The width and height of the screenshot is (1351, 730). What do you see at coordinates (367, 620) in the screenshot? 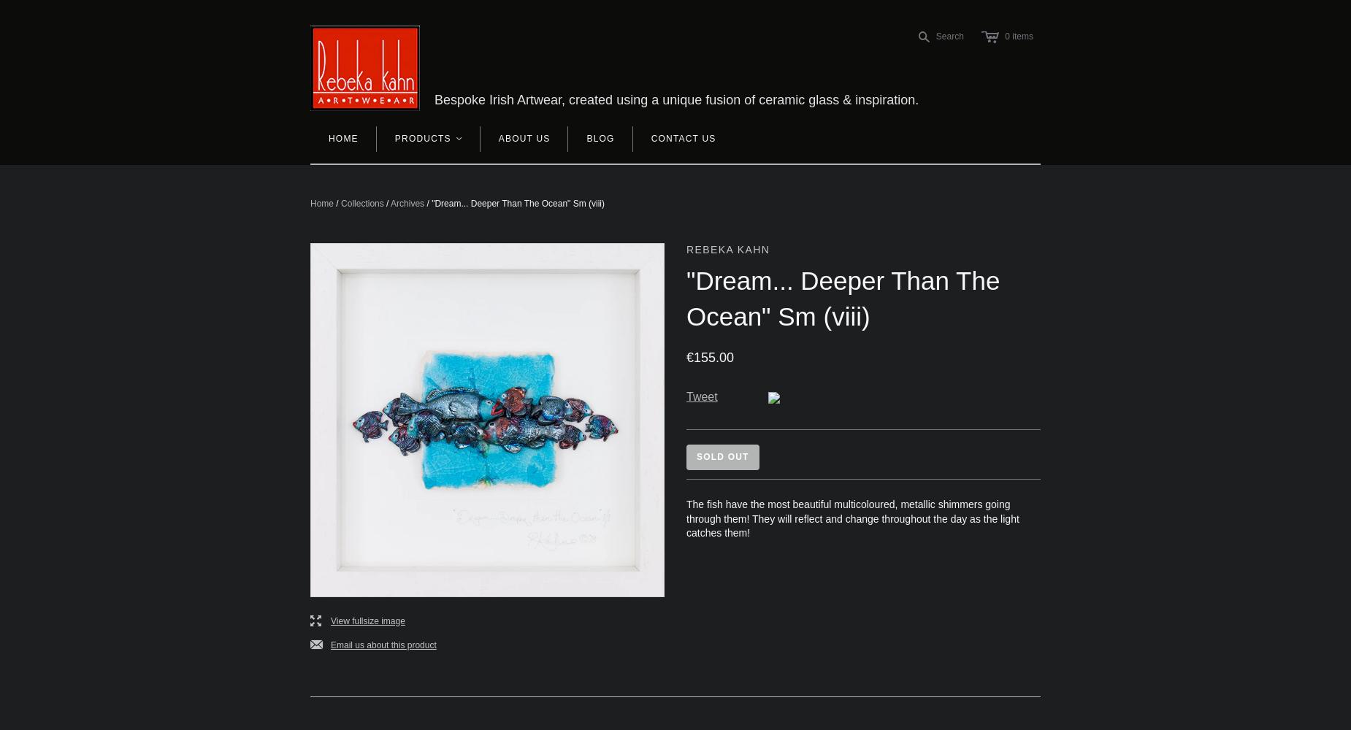
I see `'View fullsize image'` at bounding box center [367, 620].